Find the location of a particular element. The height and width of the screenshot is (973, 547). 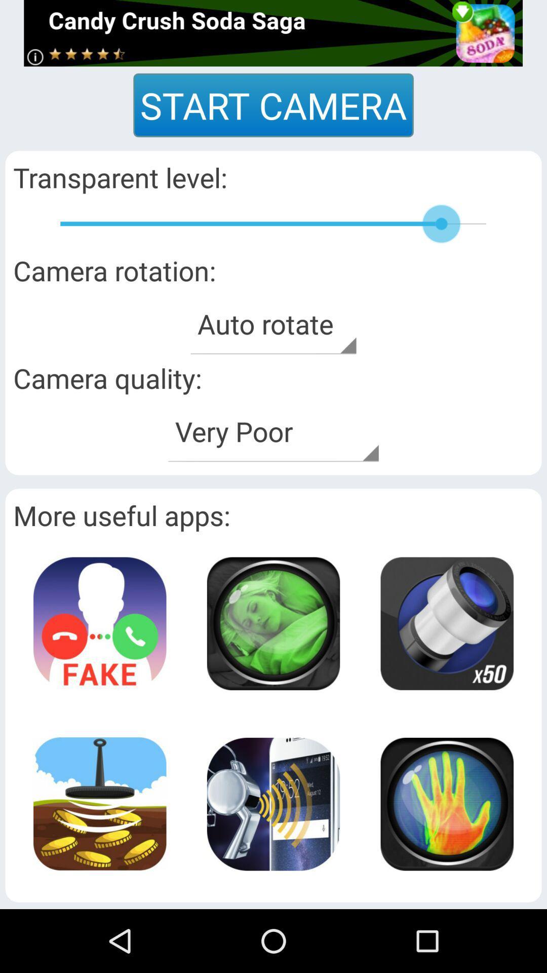

phone call is located at coordinates (100, 623).